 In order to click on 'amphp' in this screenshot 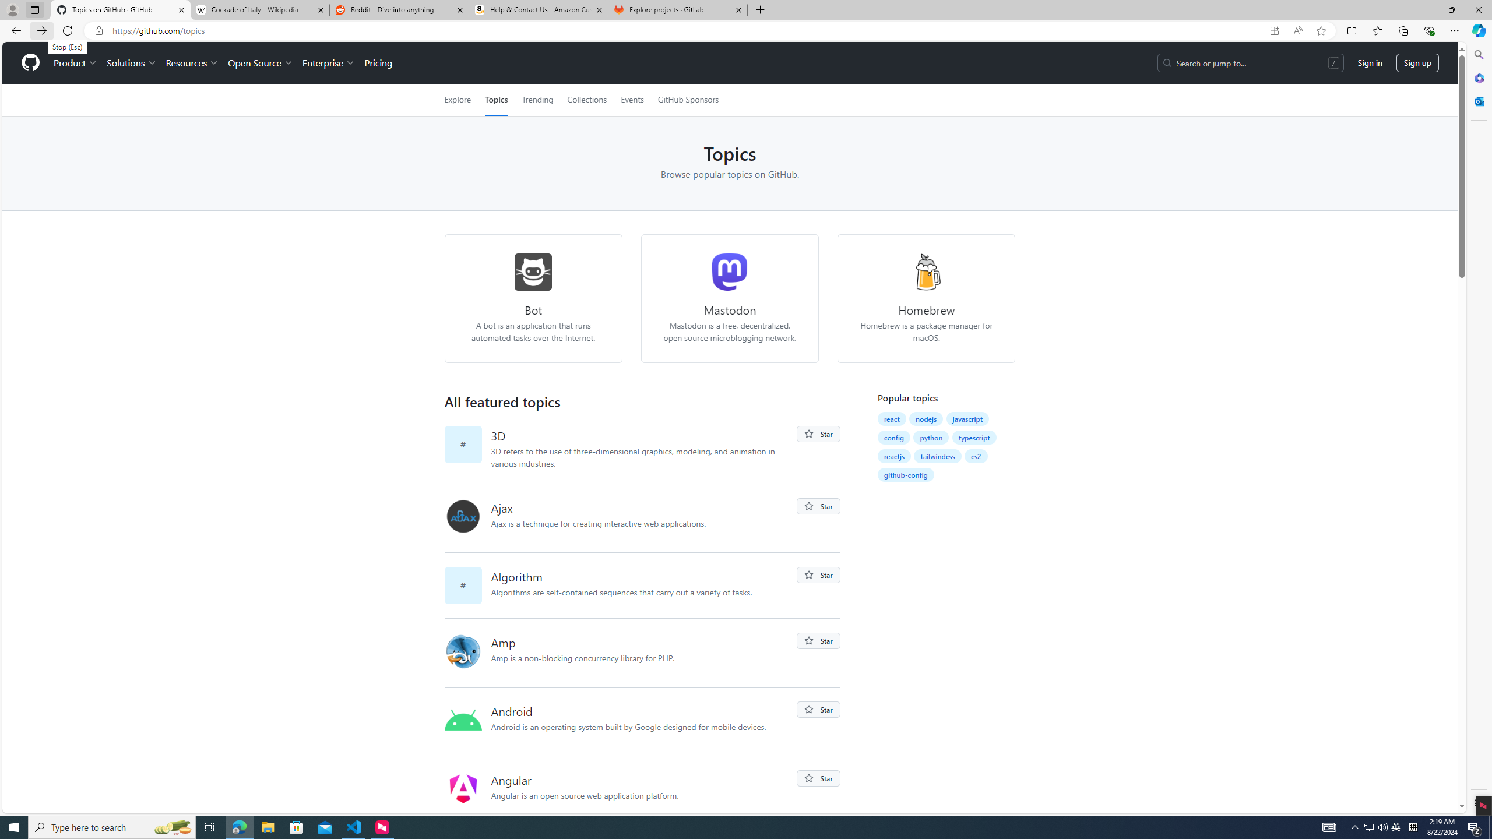, I will do `click(467, 652)`.